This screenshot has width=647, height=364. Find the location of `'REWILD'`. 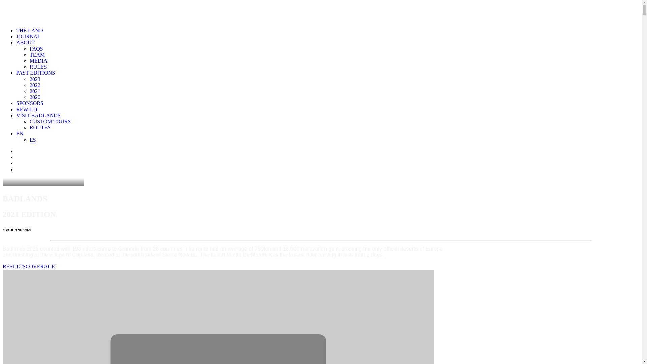

'REWILD' is located at coordinates (26, 109).